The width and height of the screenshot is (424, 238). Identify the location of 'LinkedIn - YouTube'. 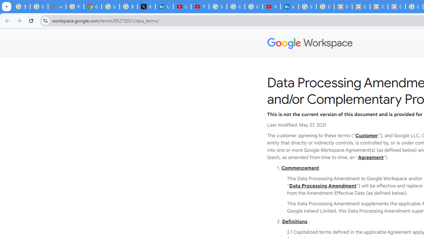
(182, 7).